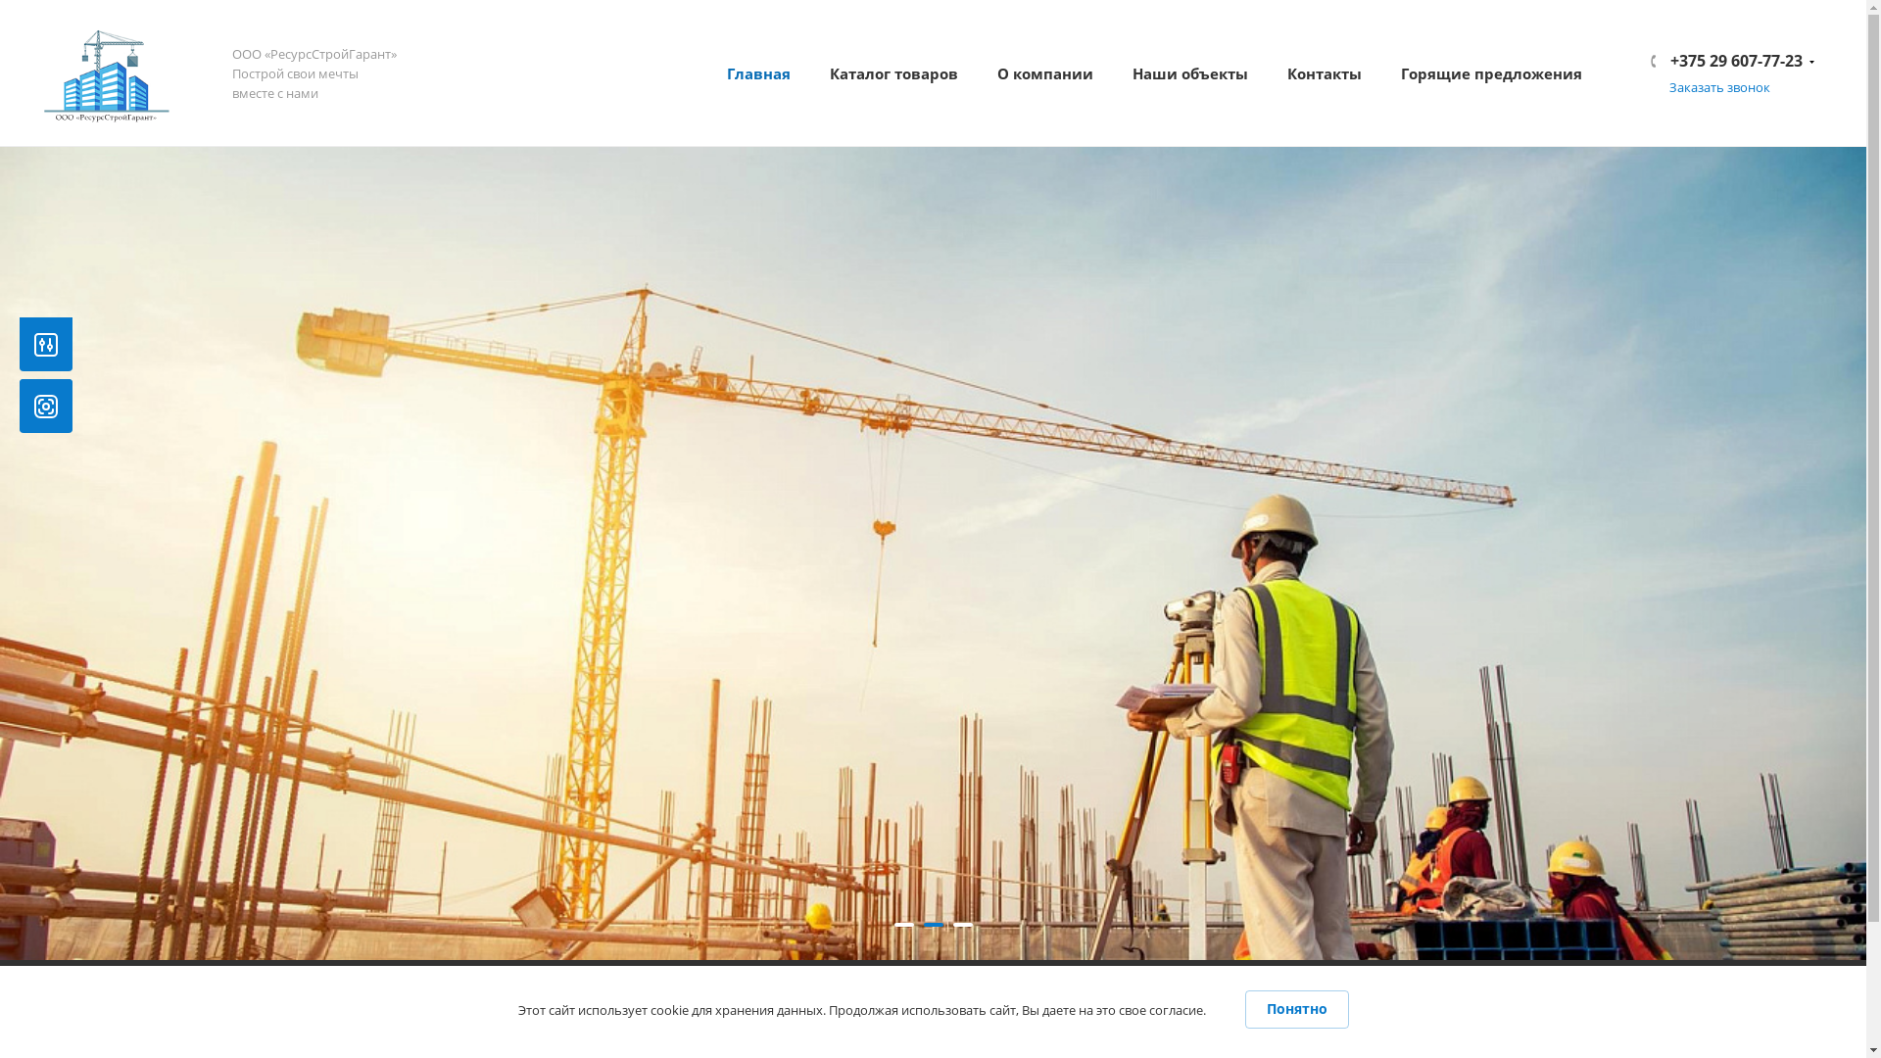  I want to click on '+375 29 607-77-23', so click(774, 1009).